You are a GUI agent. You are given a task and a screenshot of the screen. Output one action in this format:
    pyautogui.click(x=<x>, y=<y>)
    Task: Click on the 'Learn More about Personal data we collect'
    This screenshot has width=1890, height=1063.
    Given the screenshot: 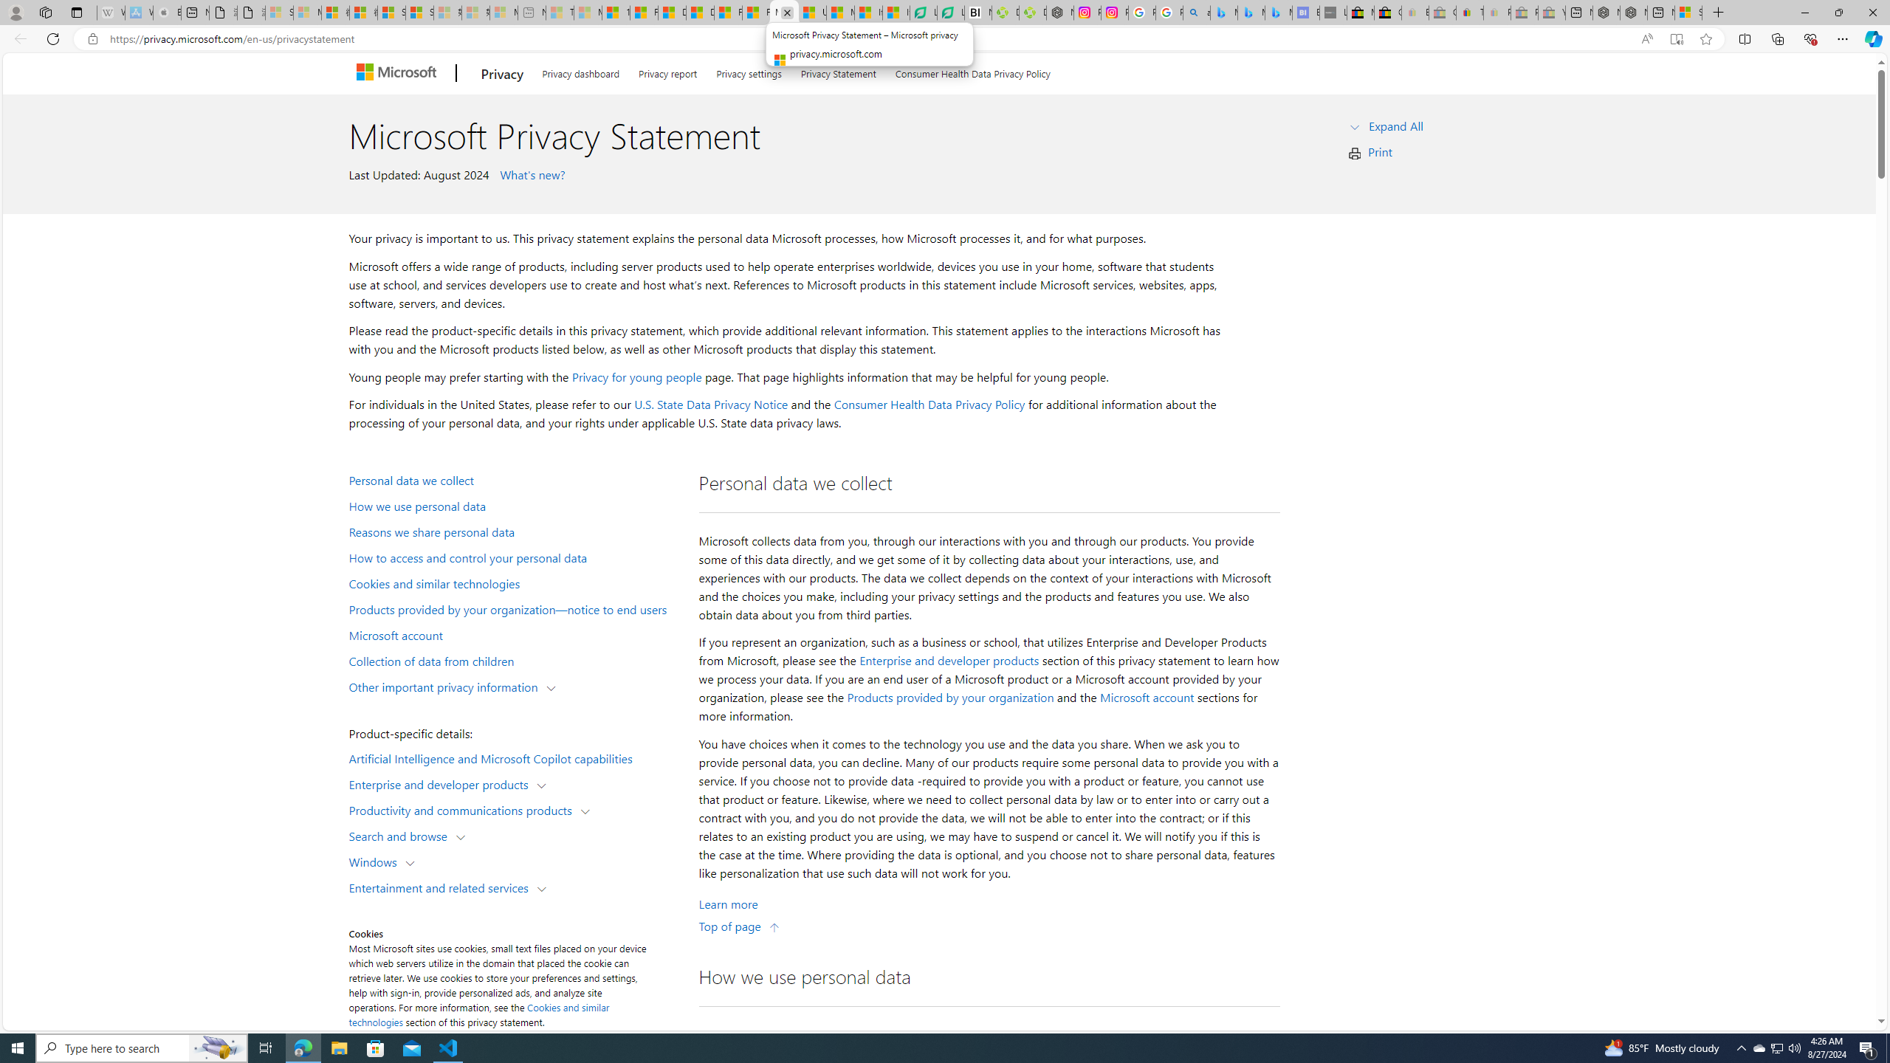 What is the action you would take?
    pyautogui.click(x=728, y=904)
    